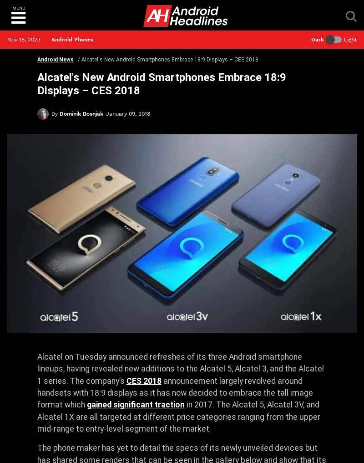  Describe the element at coordinates (54, 59) in the screenshot. I see `'Android News'` at that location.